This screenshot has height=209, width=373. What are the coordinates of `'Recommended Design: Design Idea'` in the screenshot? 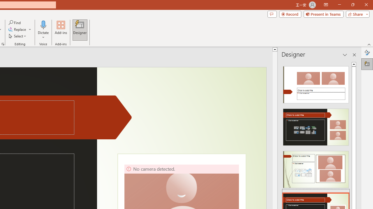 It's located at (316, 83).